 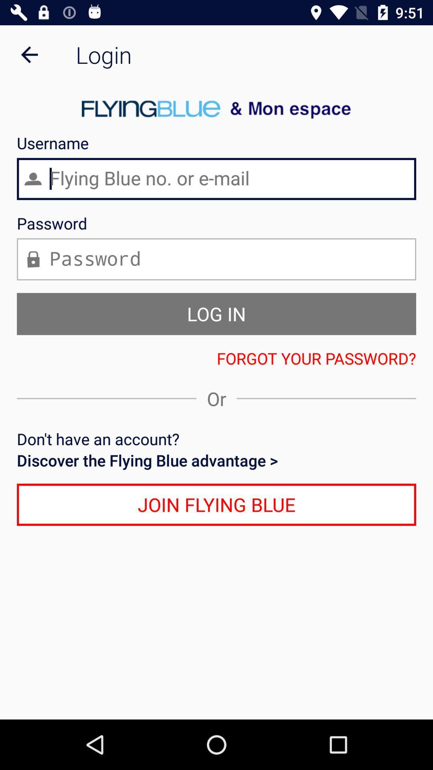 I want to click on the item below don t have item, so click(x=216, y=460).